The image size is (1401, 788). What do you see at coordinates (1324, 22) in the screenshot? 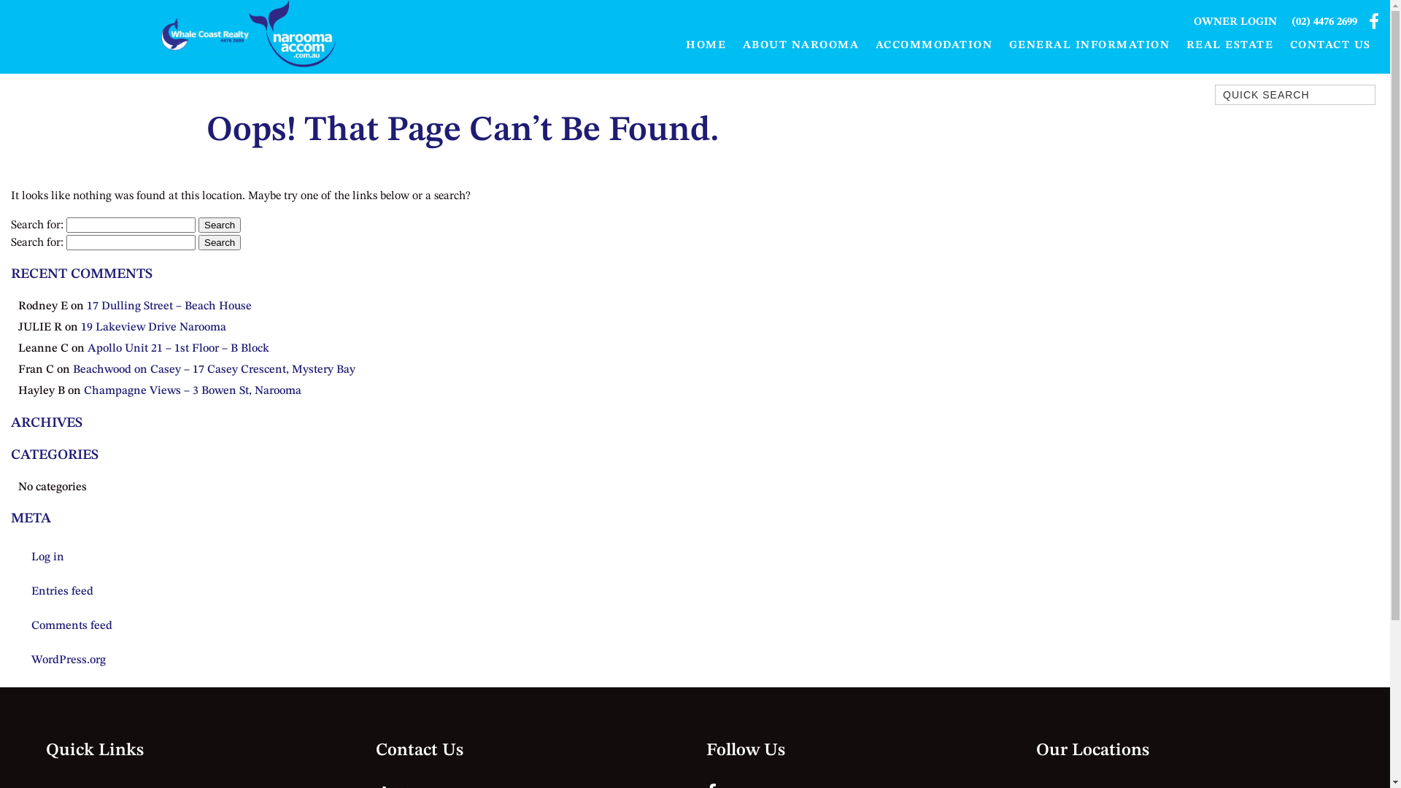
I see `'(02) 4476 2699'` at bounding box center [1324, 22].